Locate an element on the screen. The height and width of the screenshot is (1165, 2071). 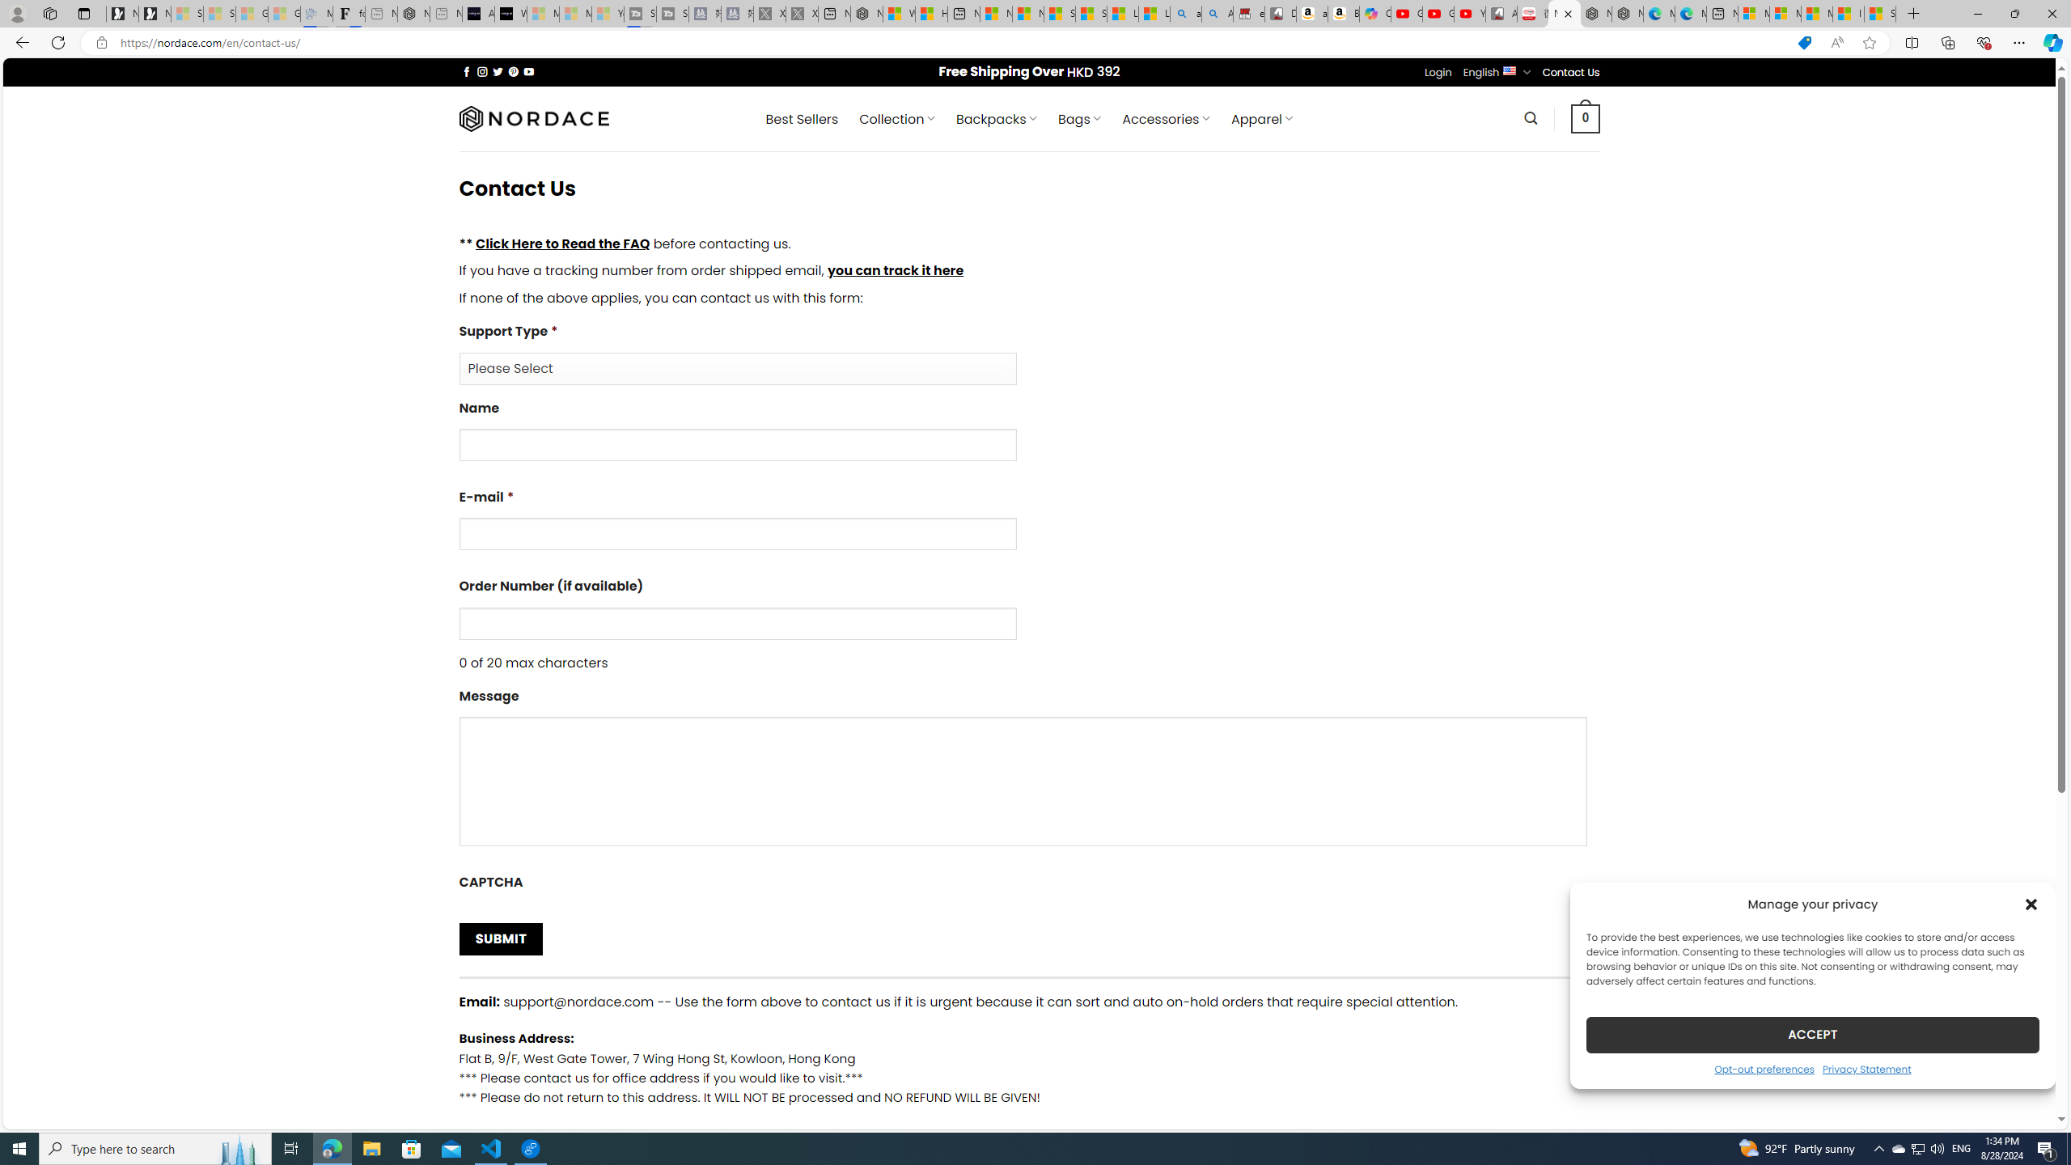
'Message' is located at coordinates (1028, 772).